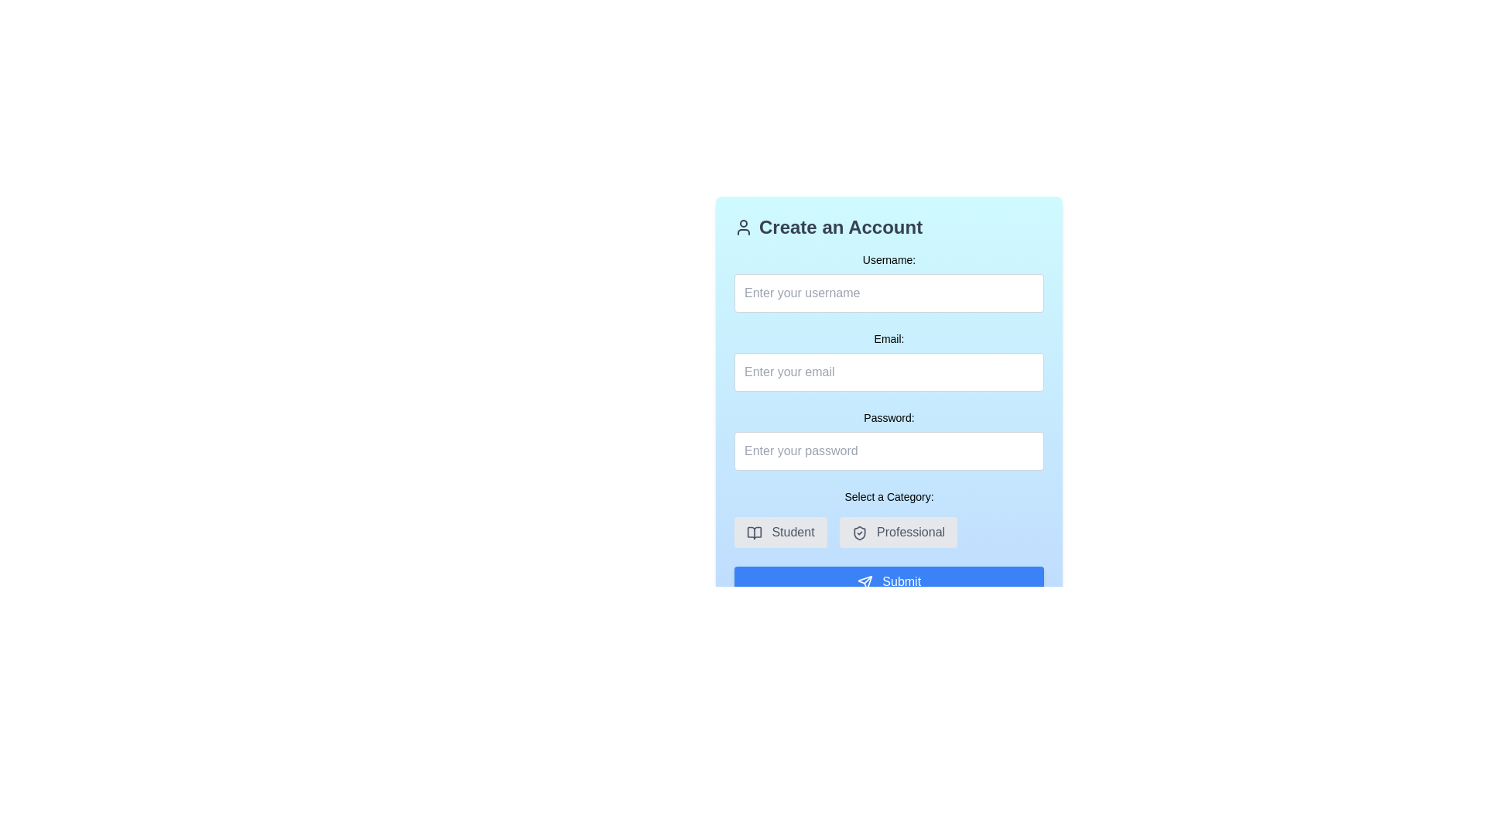 Image resolution: width=1486 pixels, height=836 pixels. I want to click on the 'Email:' label, which is a small-sized text label centrally aligned above the email input field, so click(889, 338).